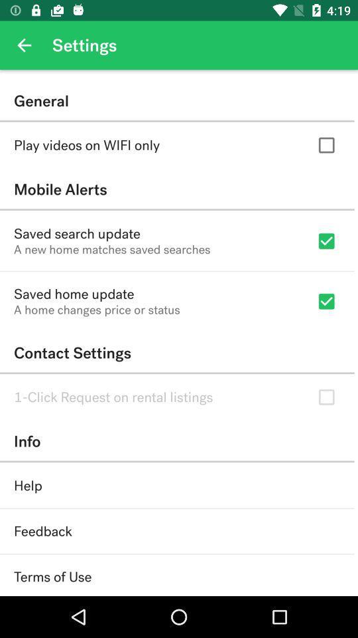 The height and width of the screenshot is (638, 358). Describe the element at coordinates (113, 397) in the screenshot. I see `1 click request` at that location.